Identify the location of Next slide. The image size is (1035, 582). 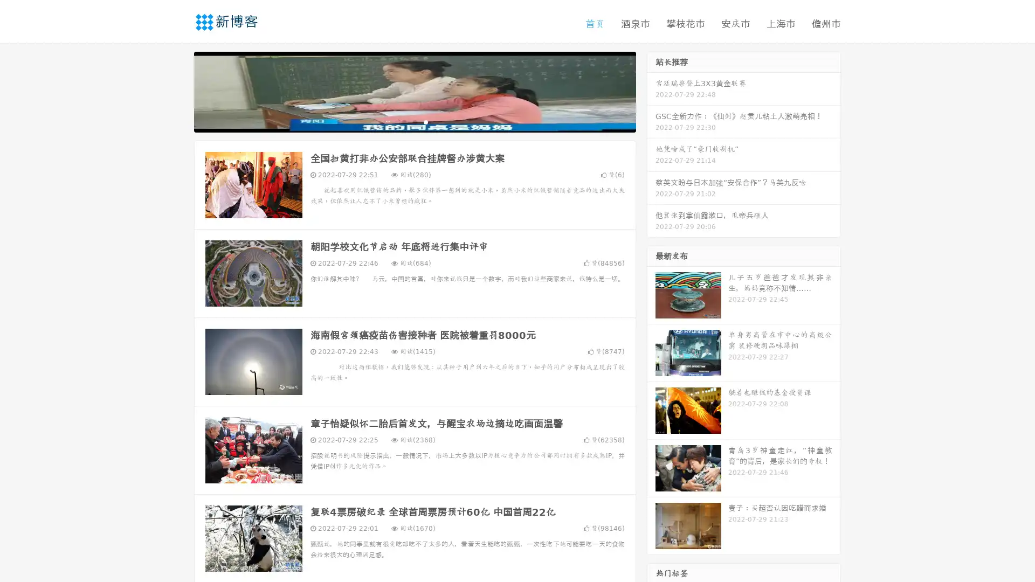
(651, 91).